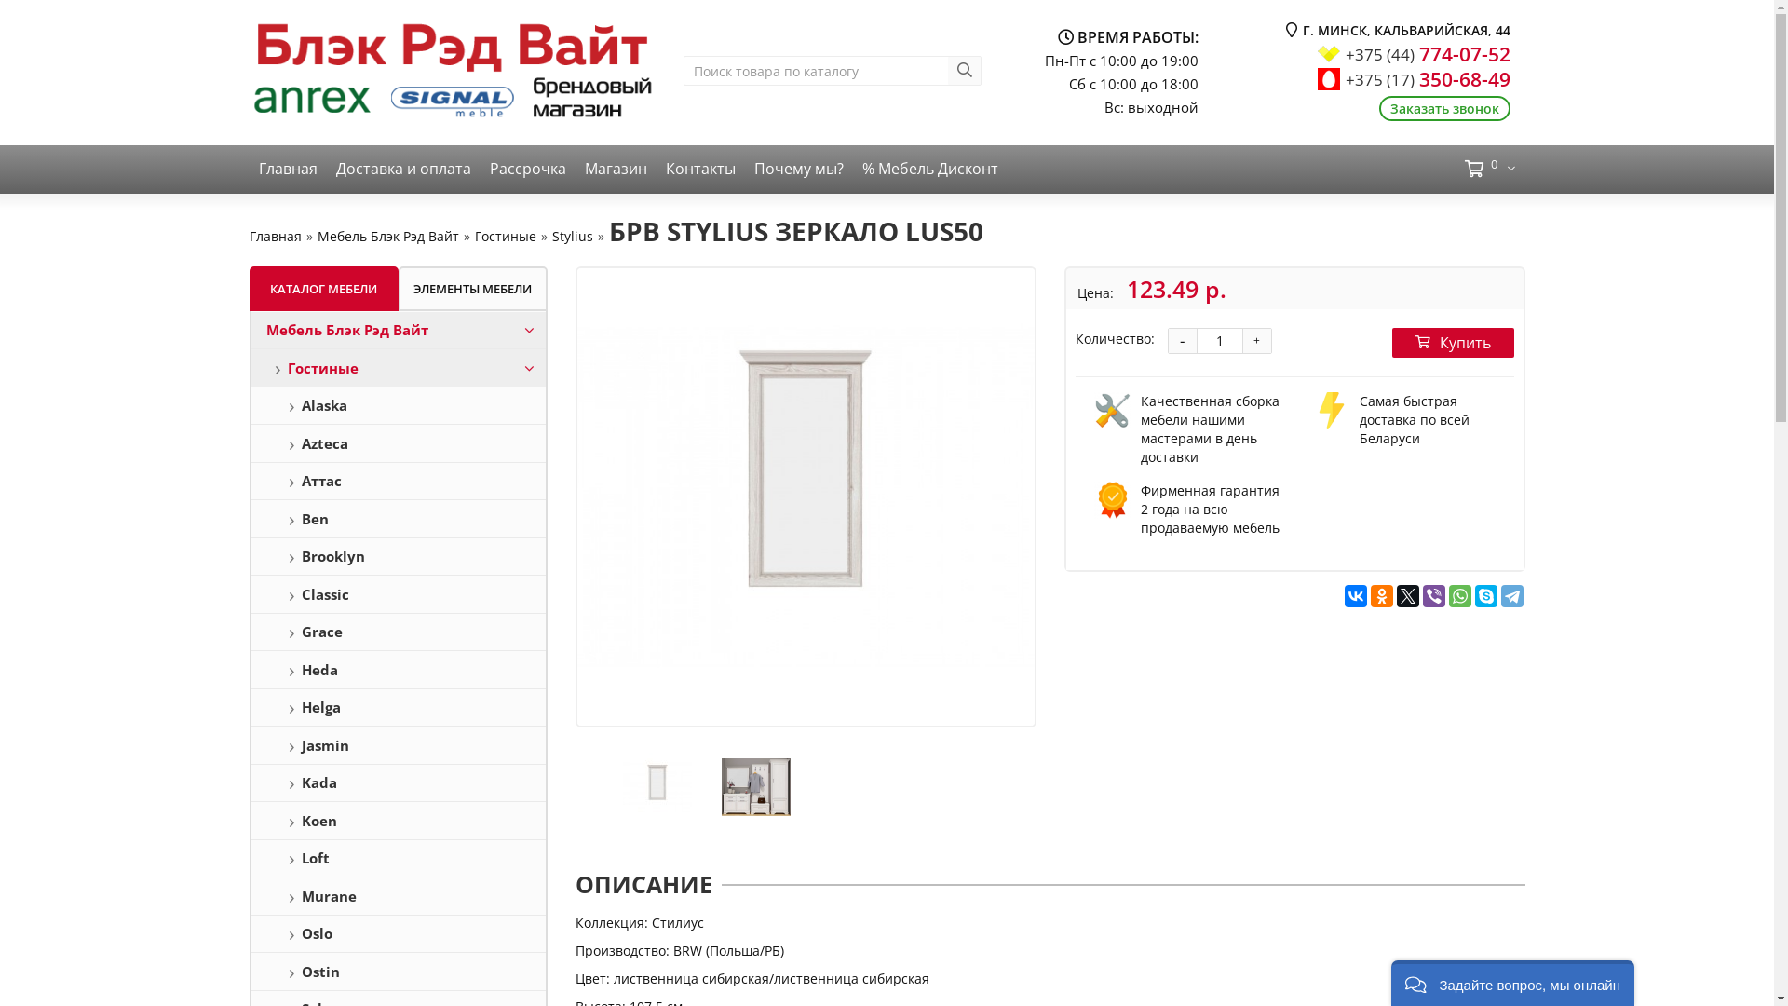  What do you see at coordinates (1427, 52) in the screenshot?
I see `'+375 (44) 774-07-52'` at bounding box center [1427, 52].